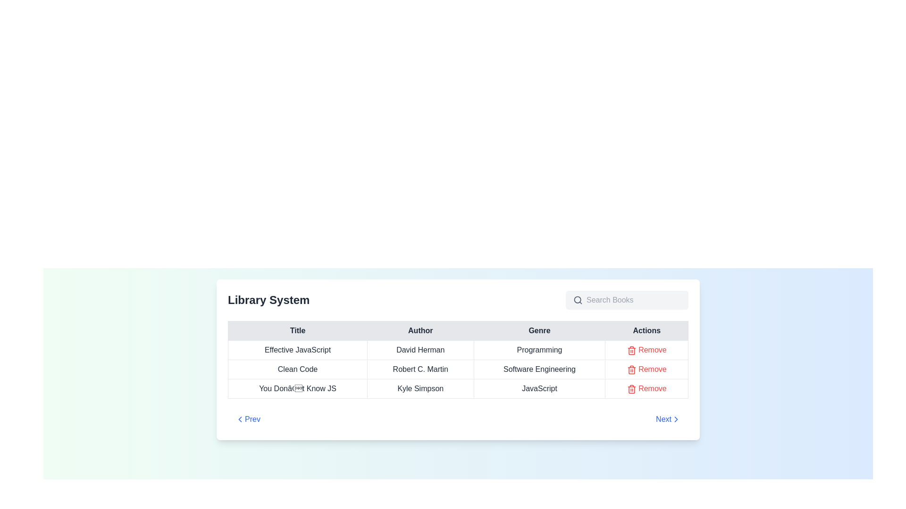 Image resolution: width=906 pixels, height=509 pixels. I want to click on the 'Remove' button with a red font and trash can icon located in the 'Actions' column of the second row, so click(646, 369).